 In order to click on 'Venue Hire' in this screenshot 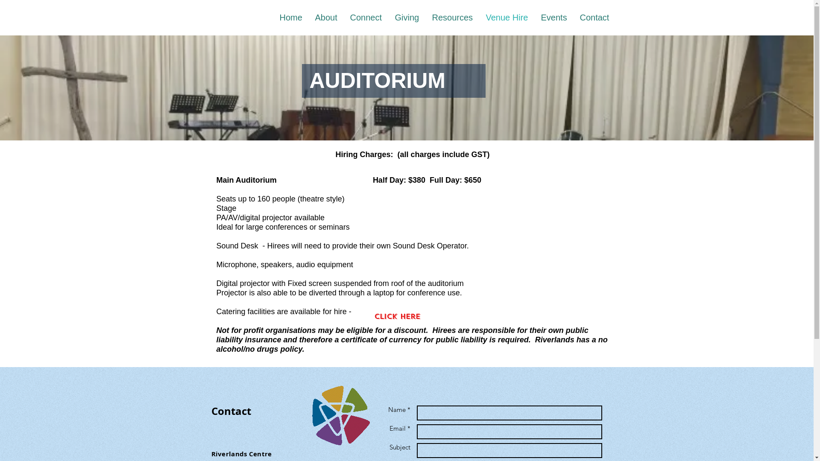, I will do `click(479, 18)`.